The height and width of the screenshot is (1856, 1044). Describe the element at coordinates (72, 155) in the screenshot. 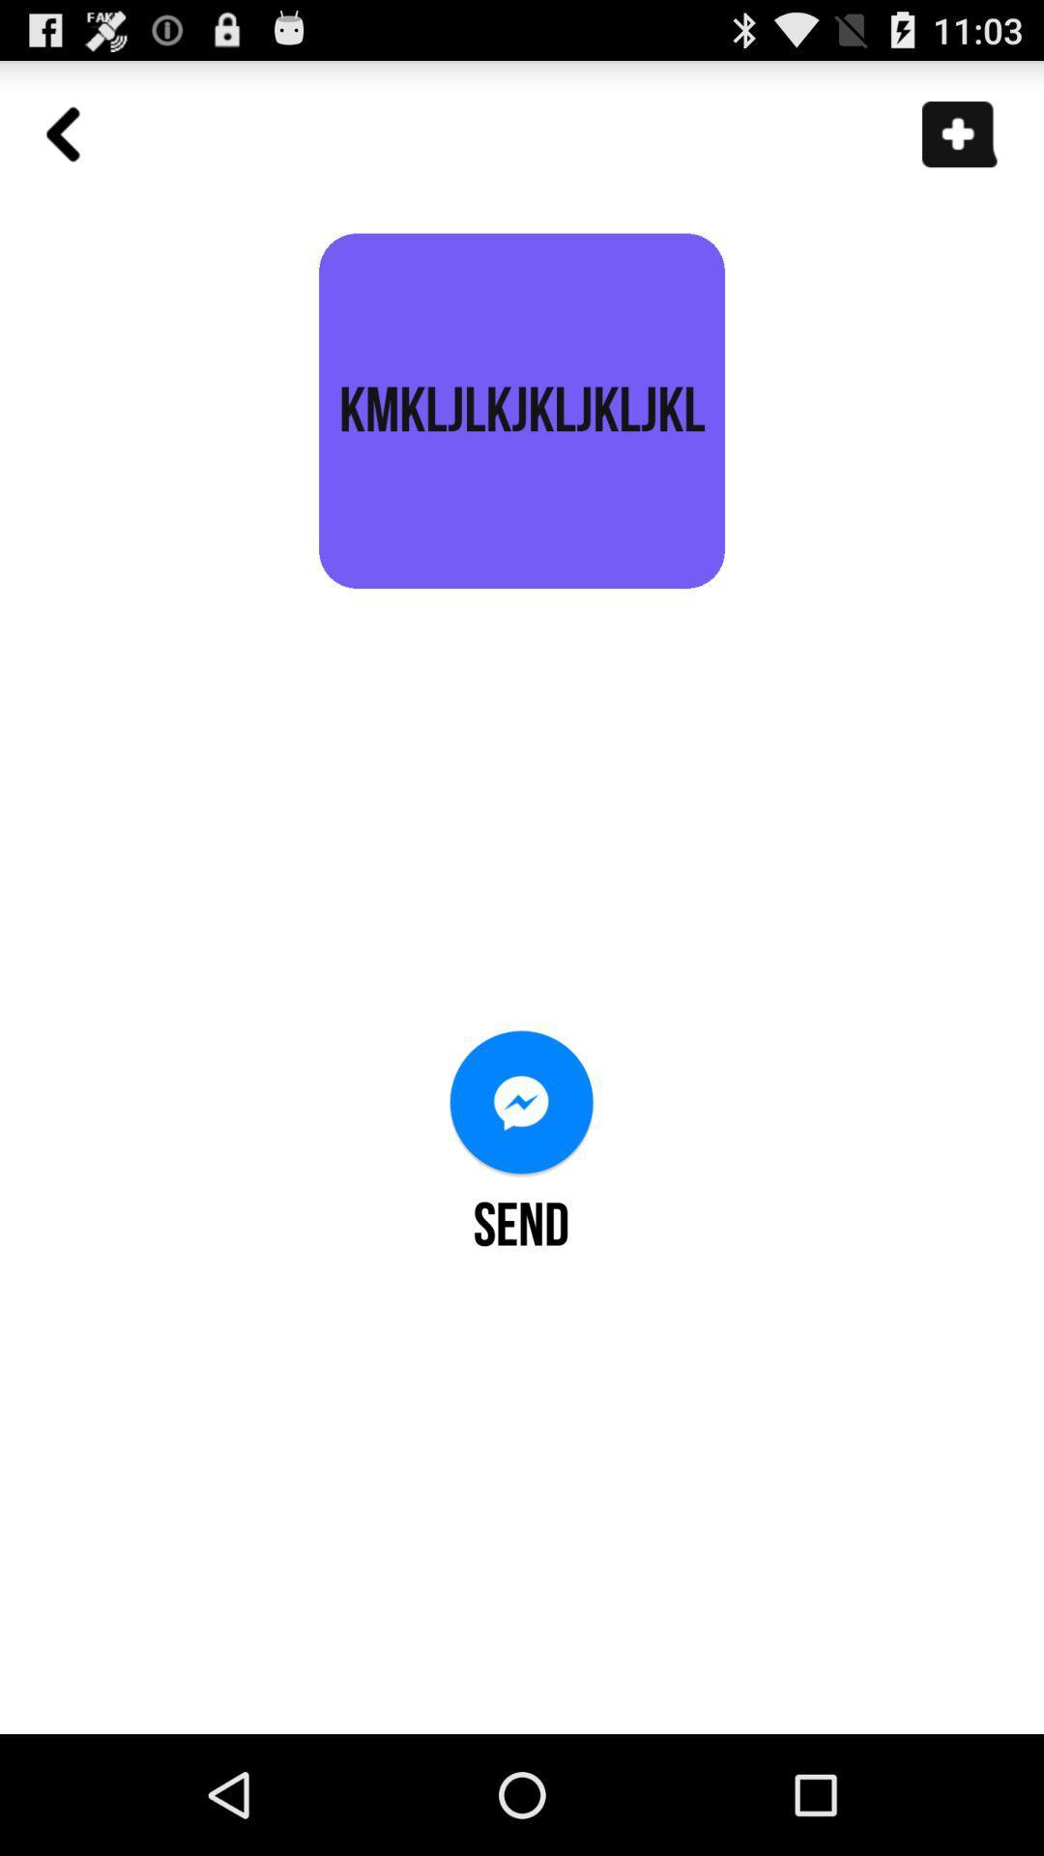

I see `the arrow_backward icon` at that location.